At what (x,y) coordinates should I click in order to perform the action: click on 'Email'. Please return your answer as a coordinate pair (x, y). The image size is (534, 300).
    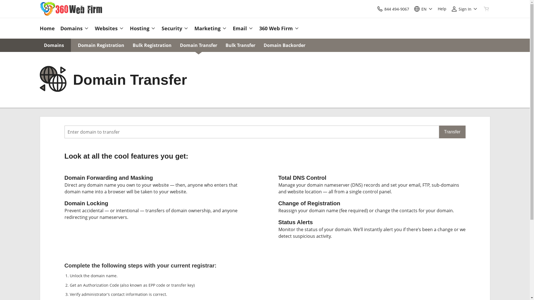
    Looking at the image, I should click on (243, 28).